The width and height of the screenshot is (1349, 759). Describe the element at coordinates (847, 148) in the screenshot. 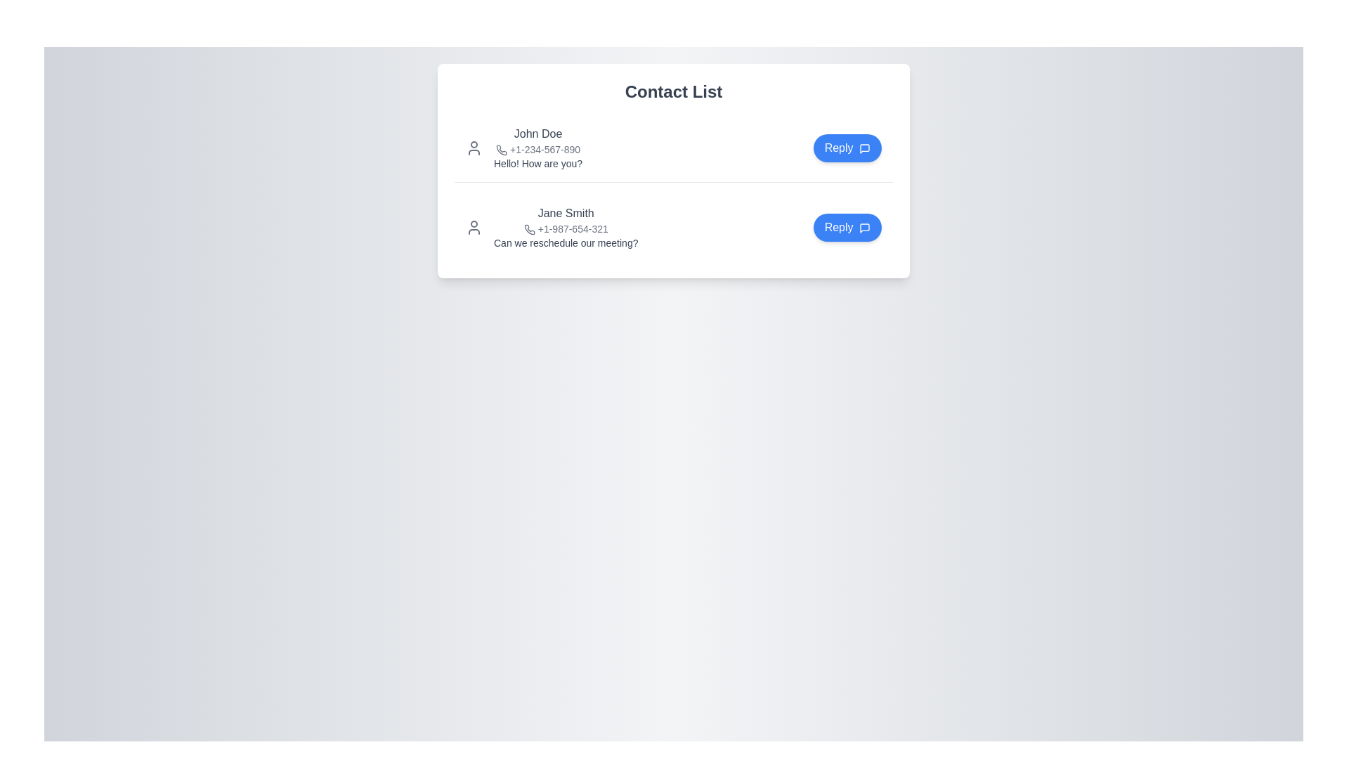

I see `the rounded rectangular 'Reply' button with a blue background and white text located in the top-right corner of the first user entry in the 'Contact List' card to reply to the message` at that location.